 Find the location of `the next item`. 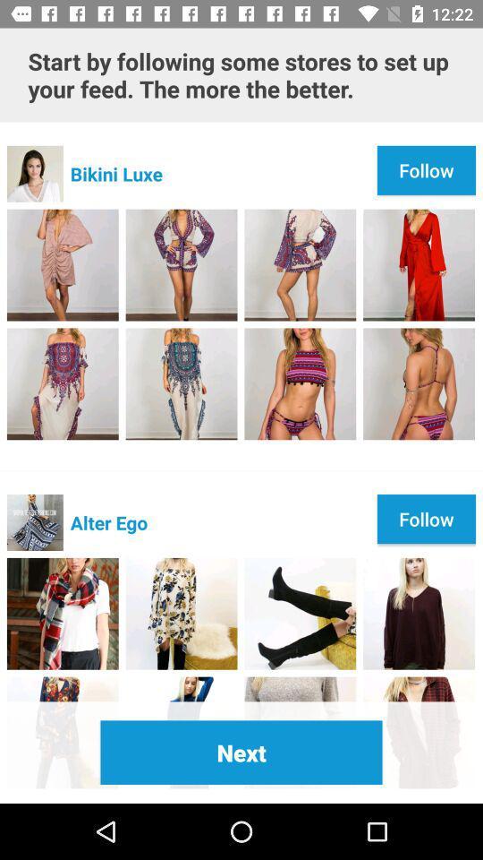

the next item is located at coordinates (241, 752).